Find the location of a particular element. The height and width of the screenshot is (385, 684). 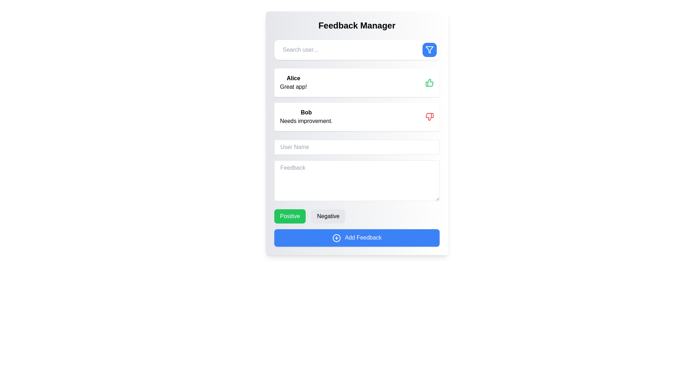

the 'Positive' button, which is a rectangular button with a vibrant green background and white bold text is located at coordinates (290, 216).